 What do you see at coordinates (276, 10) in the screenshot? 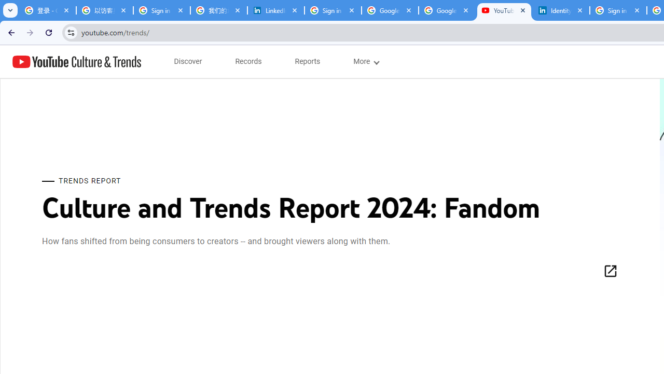
I see `'LinkedIn Privacy Policy'` at bounding box center [276, 10].